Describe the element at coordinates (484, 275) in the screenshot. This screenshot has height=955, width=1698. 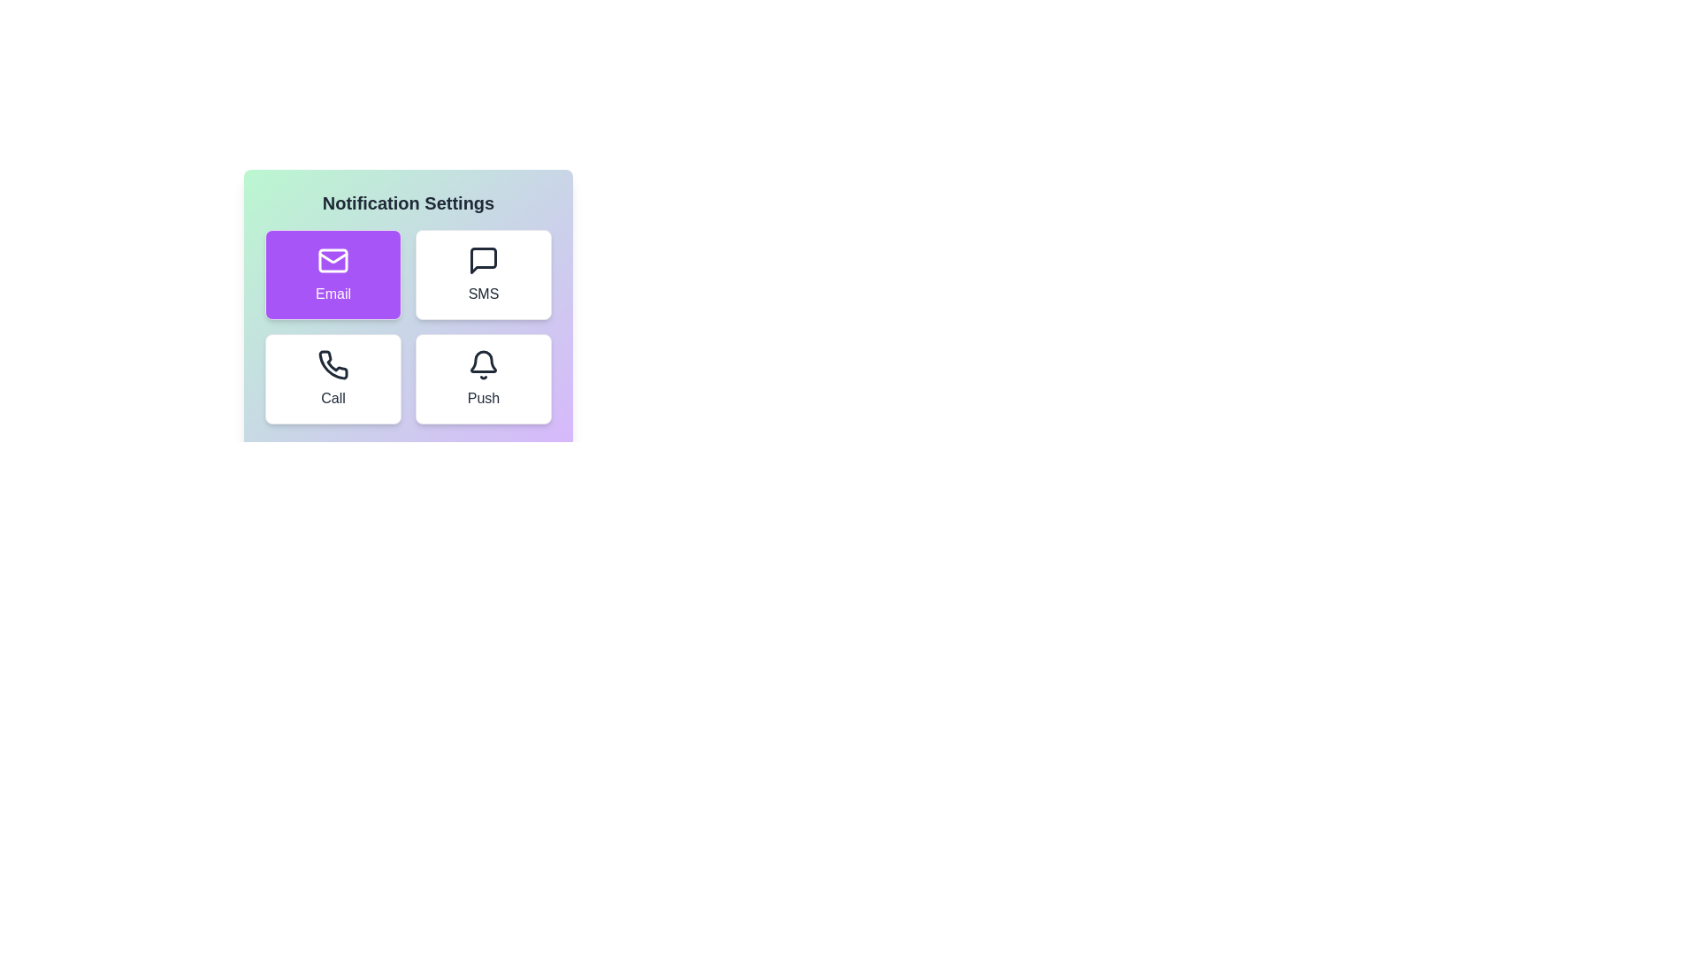
I see `the notification method SMS by clicking its corresponding button` at that location.